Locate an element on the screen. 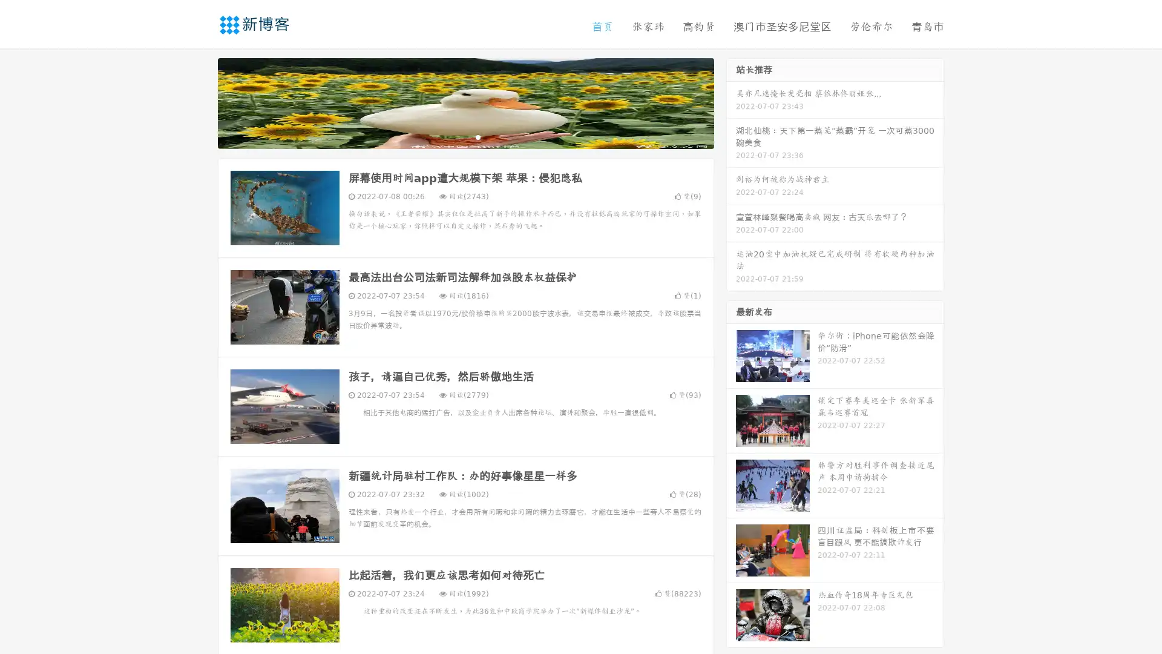 The width and height of the screenshot is (1162, 654). Go to slide 3 is located at coordinates (478, 136).